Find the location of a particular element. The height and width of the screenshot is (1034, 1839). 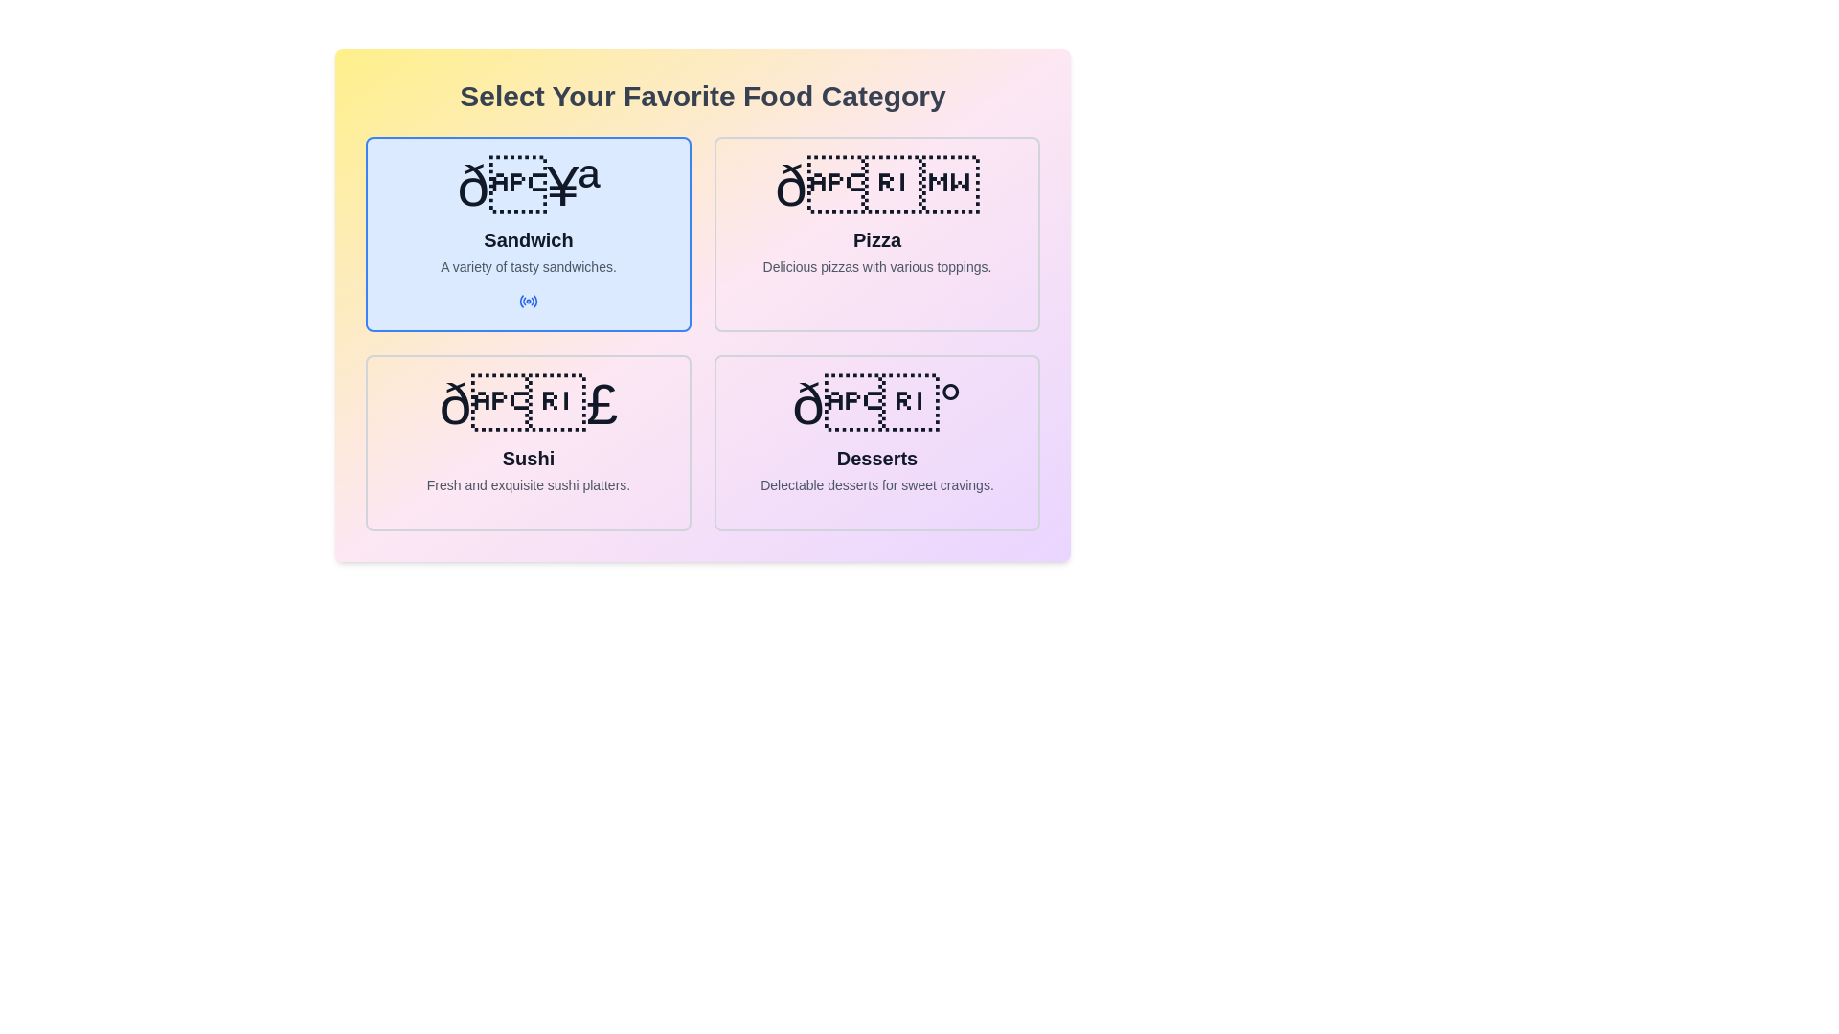

text label identifying the 'Desserts' category, located in the bottom-right quadrant of the grid layout, positioned below an emoji-style icon and above a description is located at coordinates (876, 458).